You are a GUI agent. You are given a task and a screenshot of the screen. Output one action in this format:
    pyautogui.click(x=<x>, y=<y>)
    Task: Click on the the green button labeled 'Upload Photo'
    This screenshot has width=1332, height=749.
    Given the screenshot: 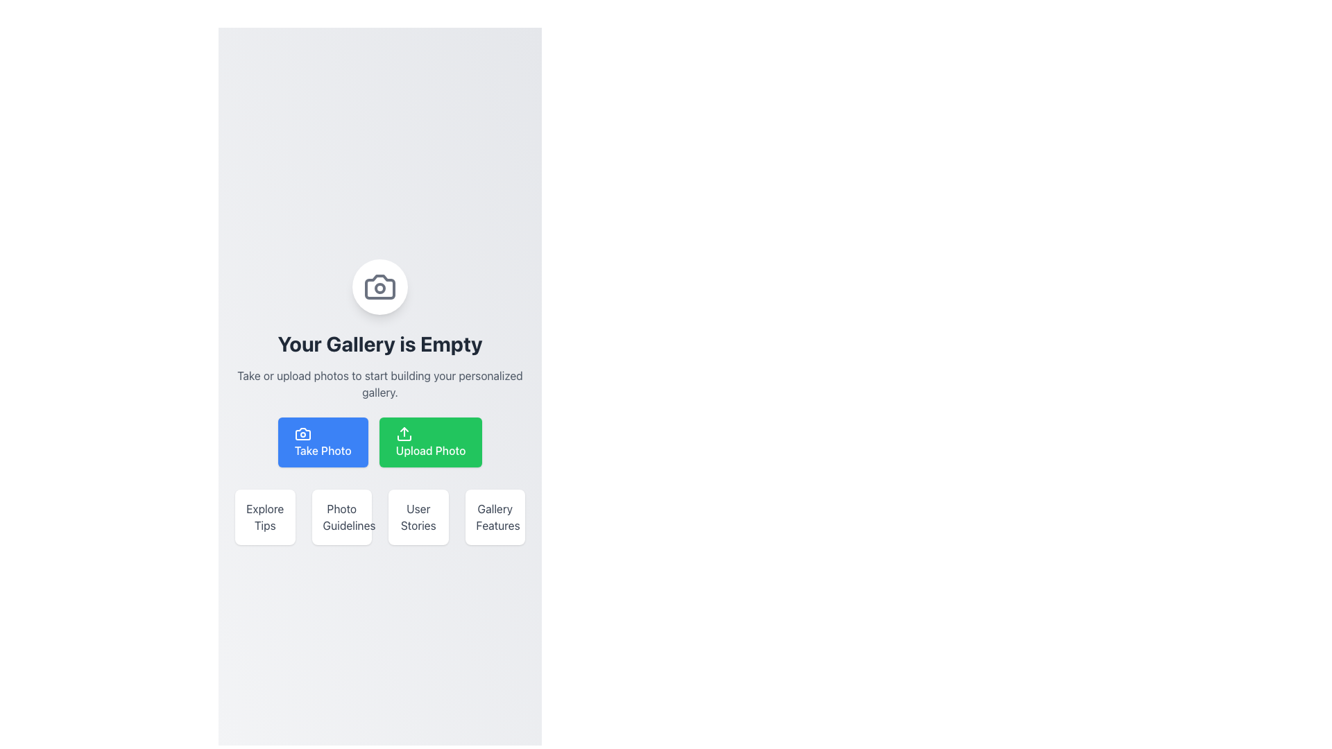 What is the action you would take?
    pyautogui.click(x=403, y=433)
    